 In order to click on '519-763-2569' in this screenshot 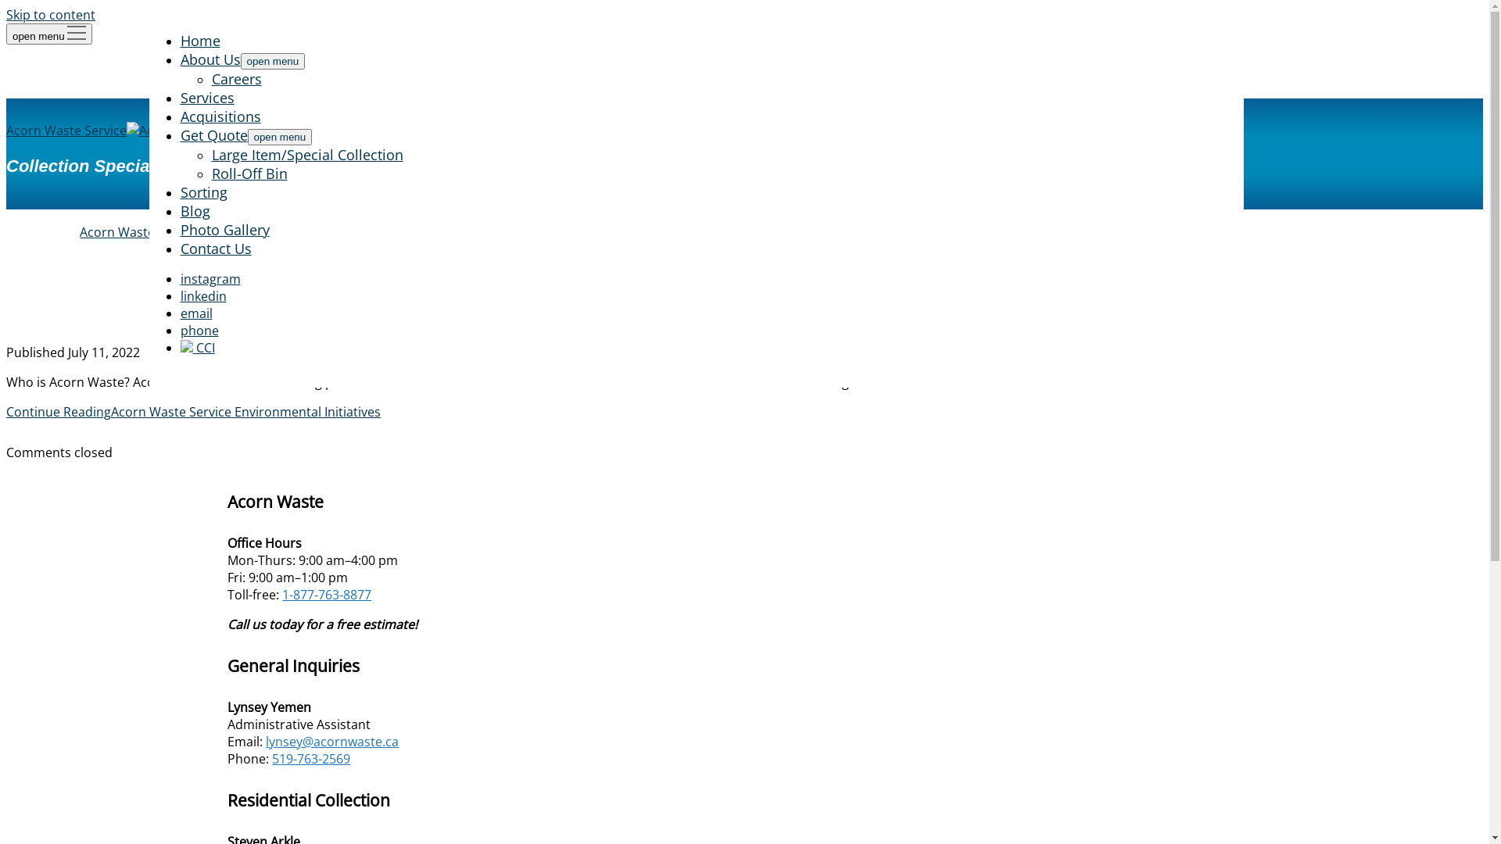, I will do `click(311, 758)`.